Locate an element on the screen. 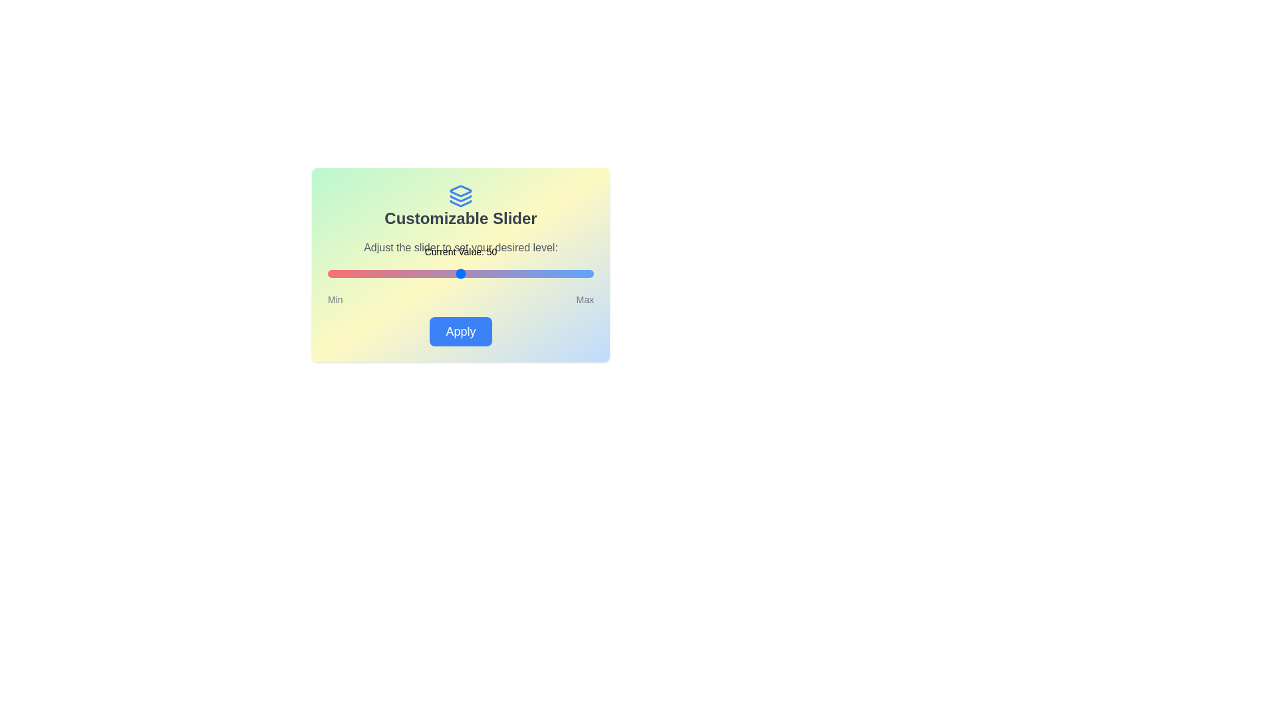  the slider to set its value to 49 is located at coordinates (458, 273).